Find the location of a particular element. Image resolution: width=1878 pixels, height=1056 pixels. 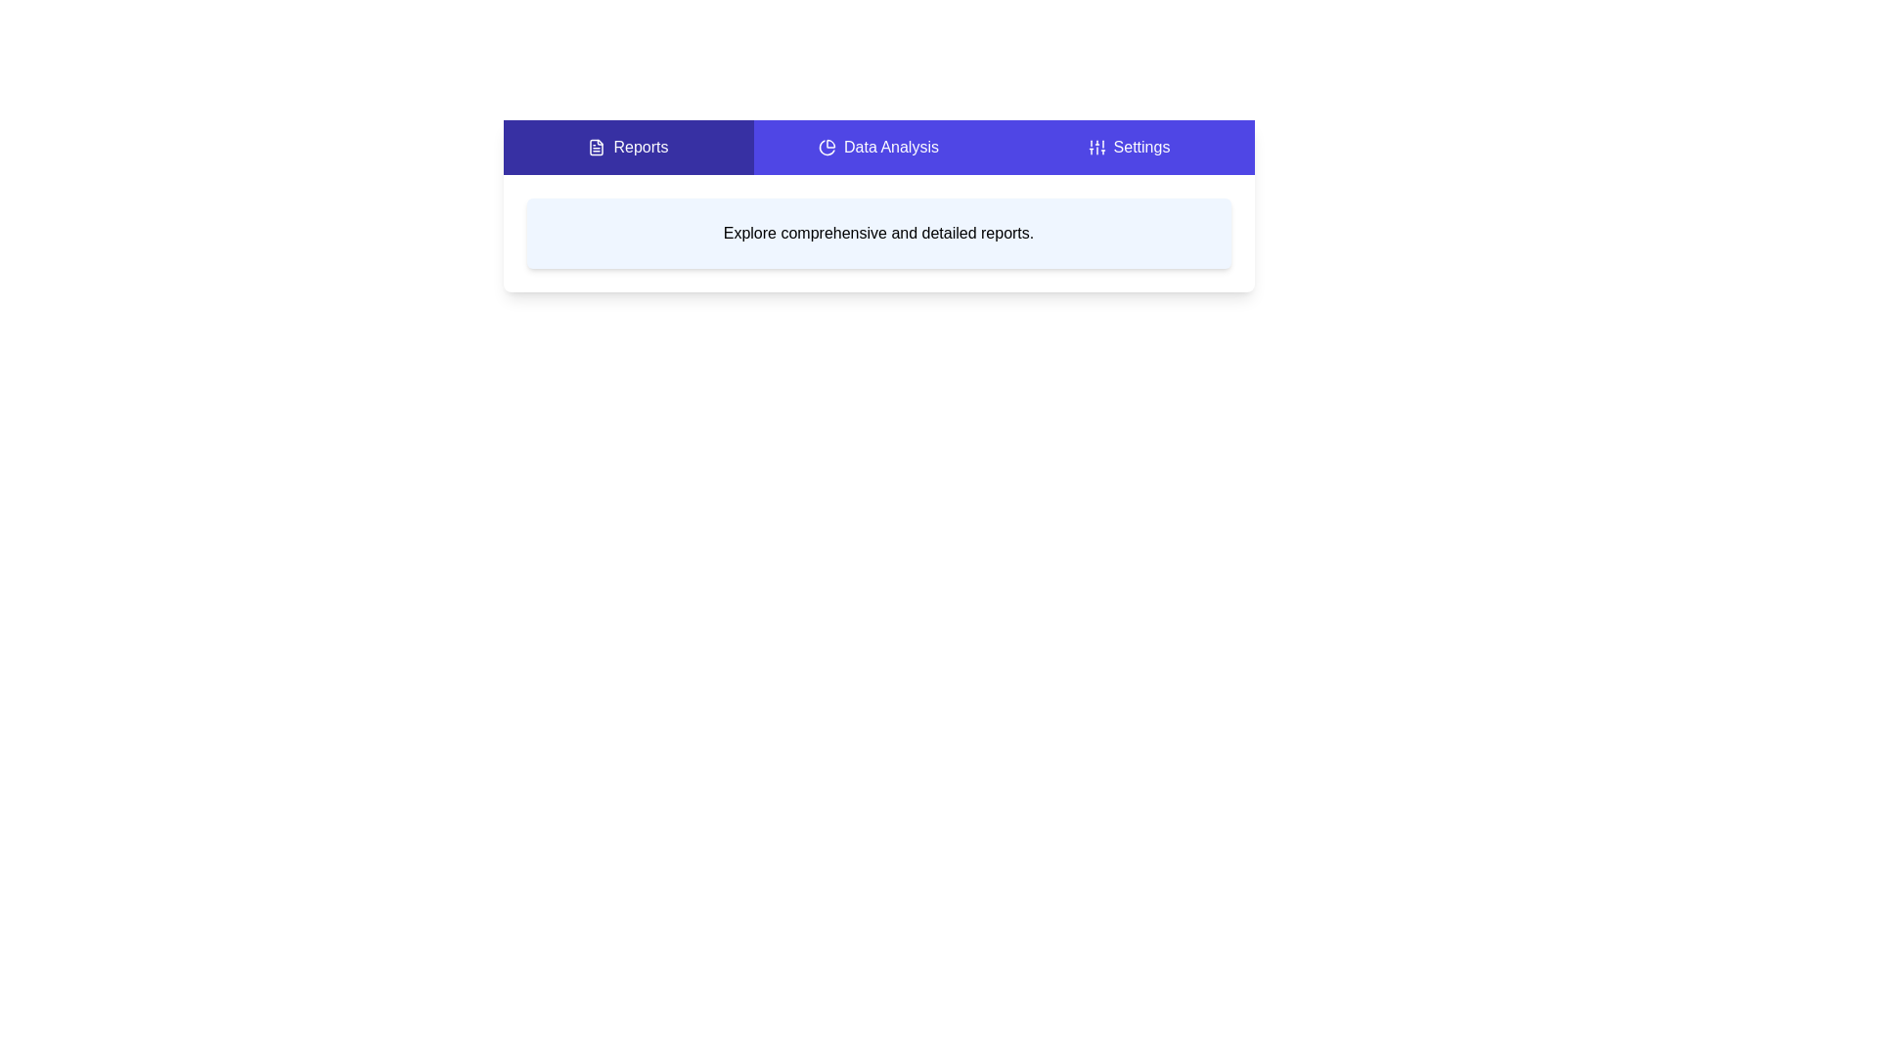

the tab header labeled Settings is located at coordinates (1129, 146).